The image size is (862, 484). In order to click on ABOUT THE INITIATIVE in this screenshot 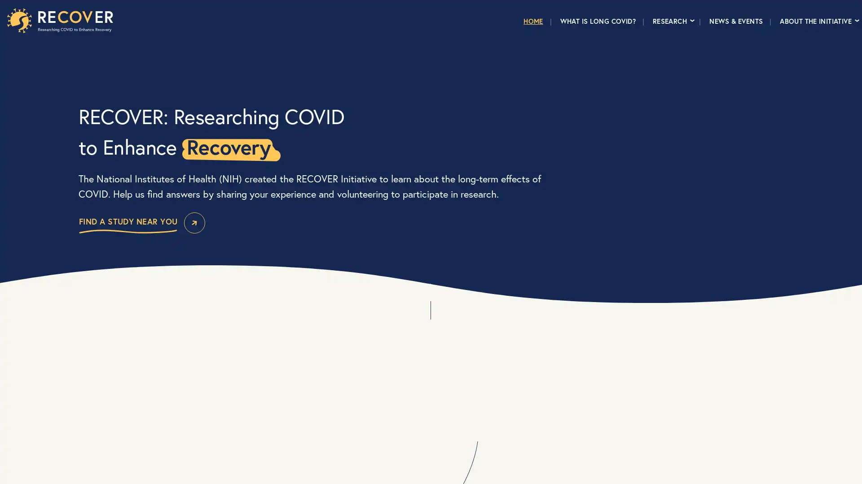, I will do `click(811, 20)`.